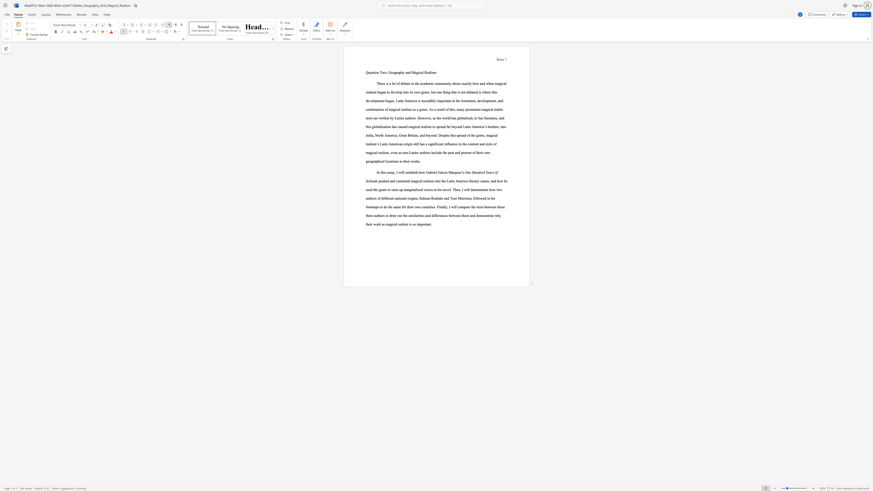  What do you see at coordinates (417, 73) in the screenshot?
I see `the 2th character "g" in the text` at bounding box center [417, 73].